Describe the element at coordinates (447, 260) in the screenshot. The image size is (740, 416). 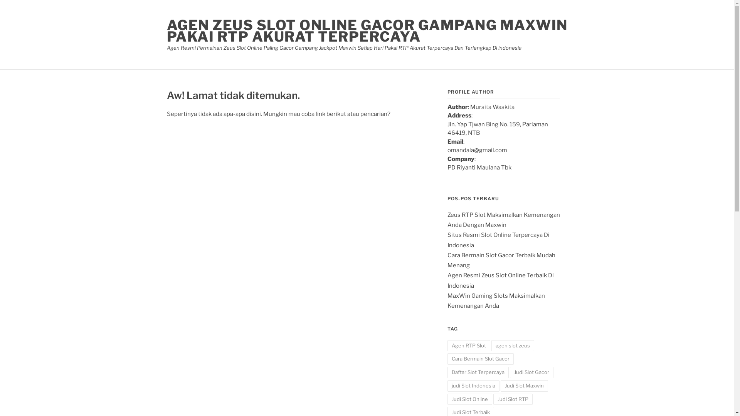
I see `'Cara Bermain Slot Gacor Terbaik Mudah Menang'` at that location.